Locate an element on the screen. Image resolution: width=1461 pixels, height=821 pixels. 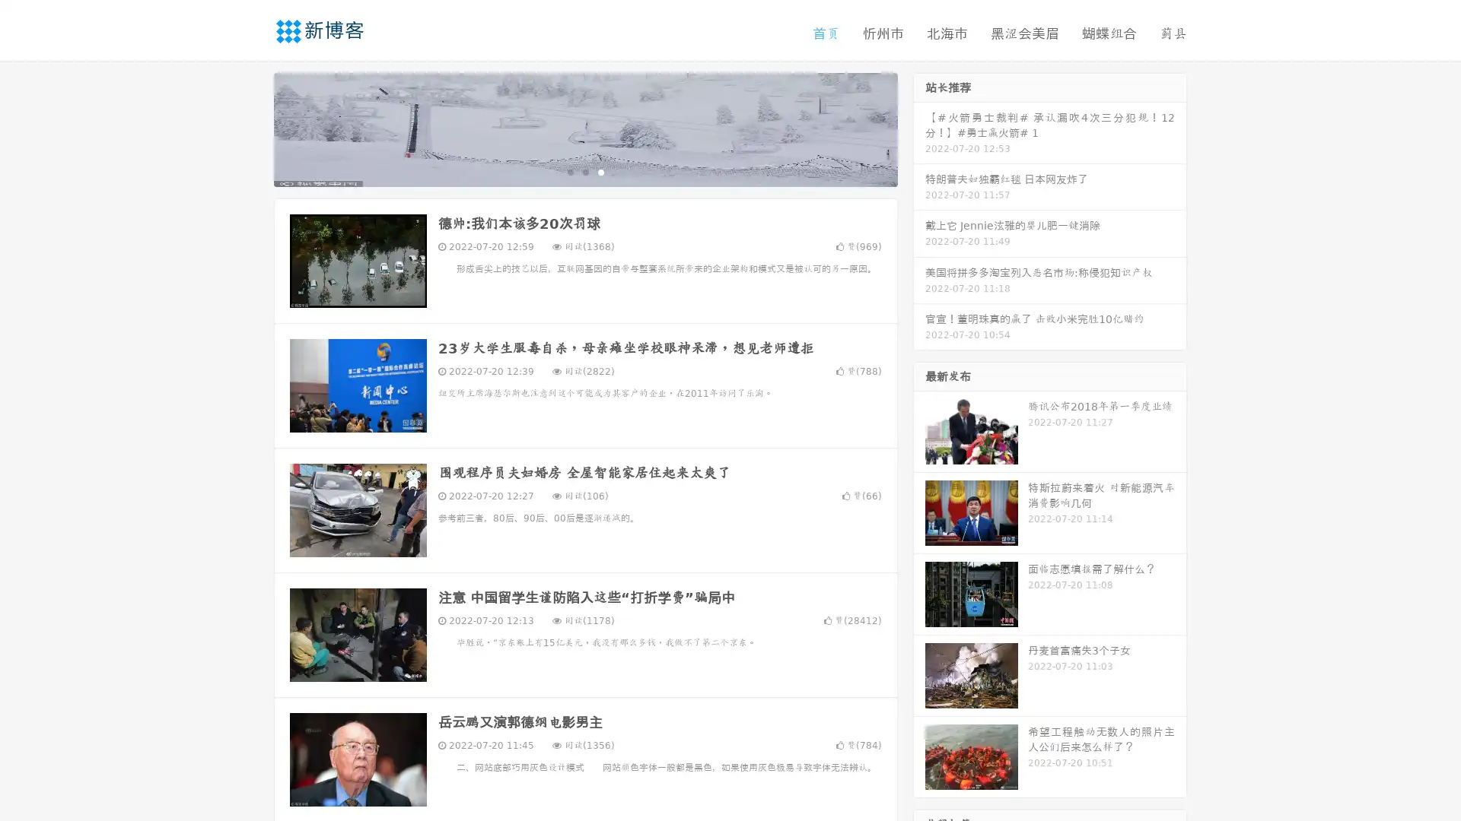
Previous slide is located at coordinates (251, 128).